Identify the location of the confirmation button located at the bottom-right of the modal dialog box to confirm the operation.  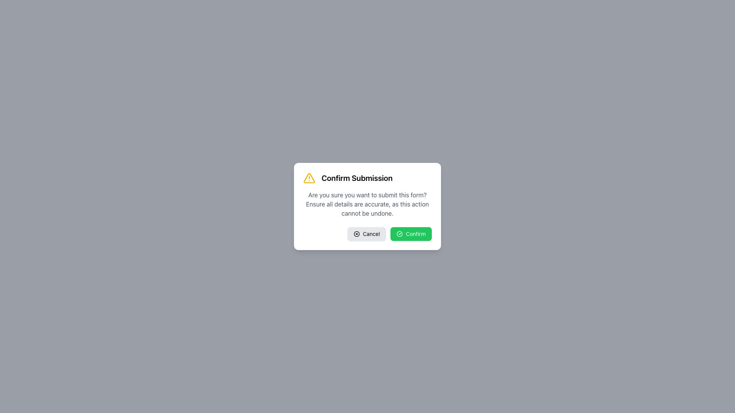
(411, 234).